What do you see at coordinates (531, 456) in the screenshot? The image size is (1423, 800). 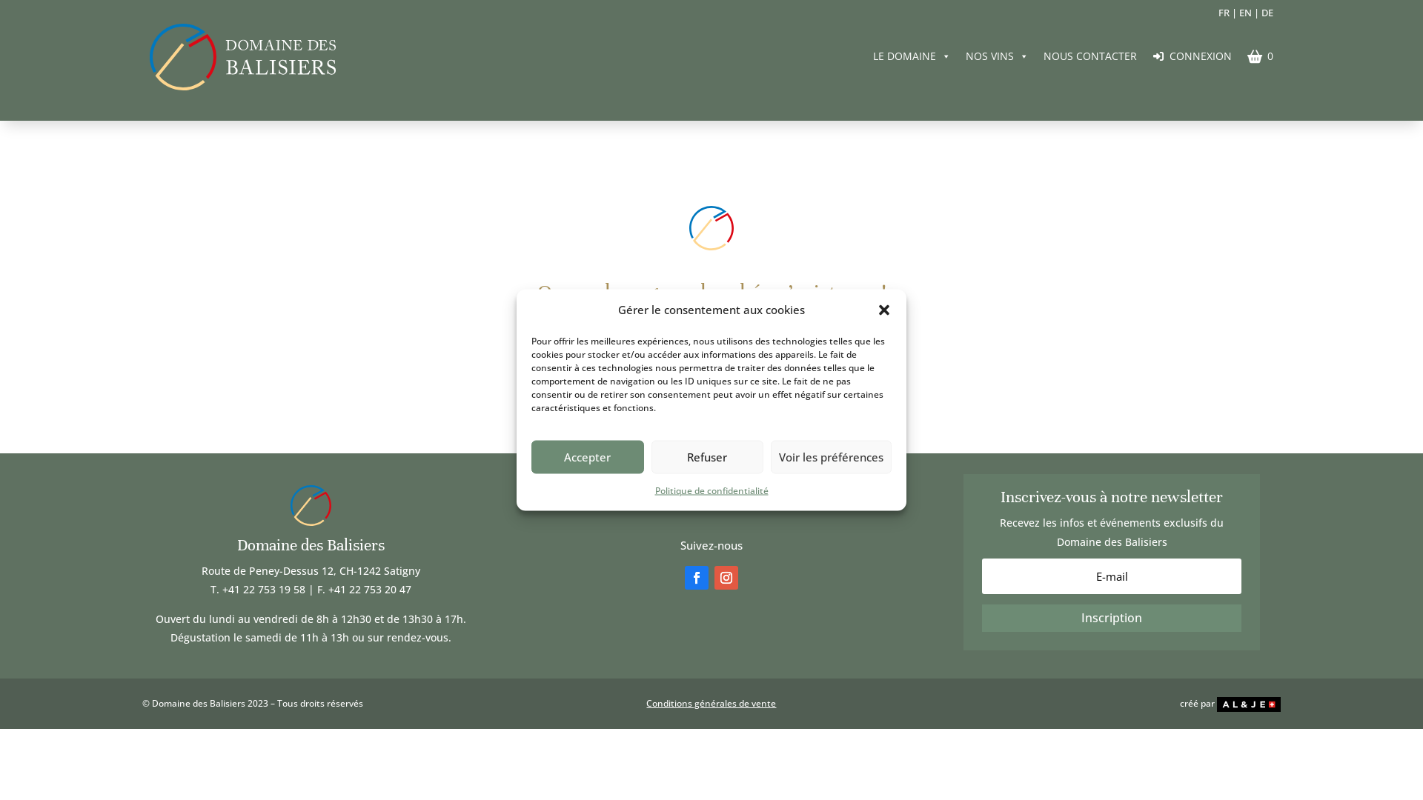 I see `'Accepter'` at bounding box center [531, 456].